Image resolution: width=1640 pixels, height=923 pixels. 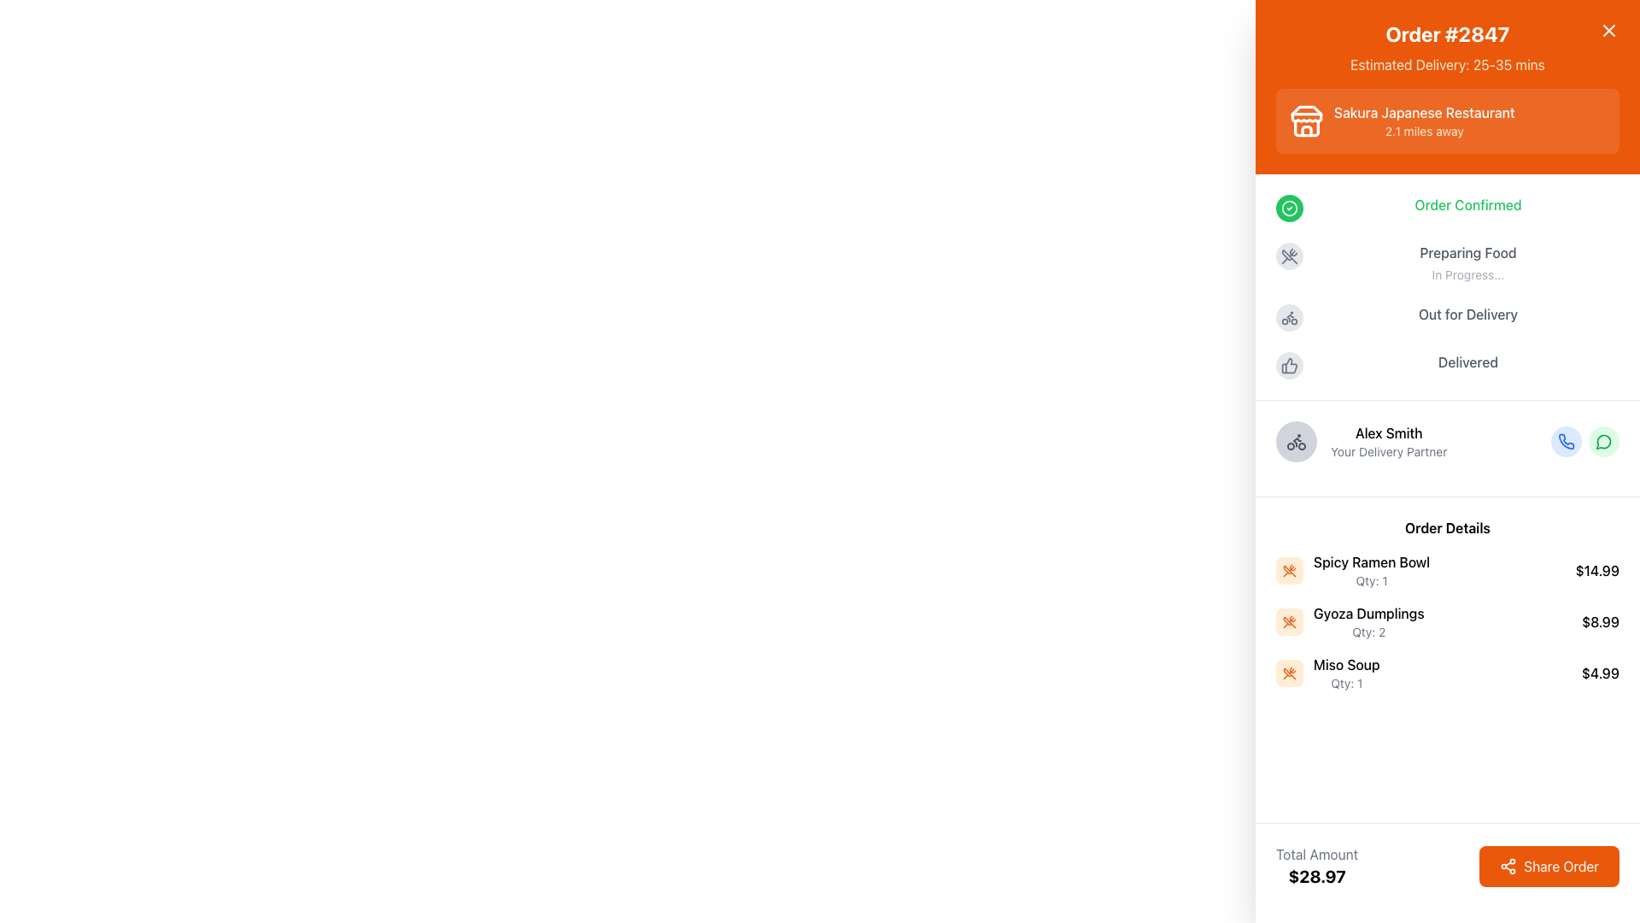 I want to click on the left button of the communication action group located next to 'Alex Smith, Your Delivery Partner' for a phone call, so click(x=1584, y=440).